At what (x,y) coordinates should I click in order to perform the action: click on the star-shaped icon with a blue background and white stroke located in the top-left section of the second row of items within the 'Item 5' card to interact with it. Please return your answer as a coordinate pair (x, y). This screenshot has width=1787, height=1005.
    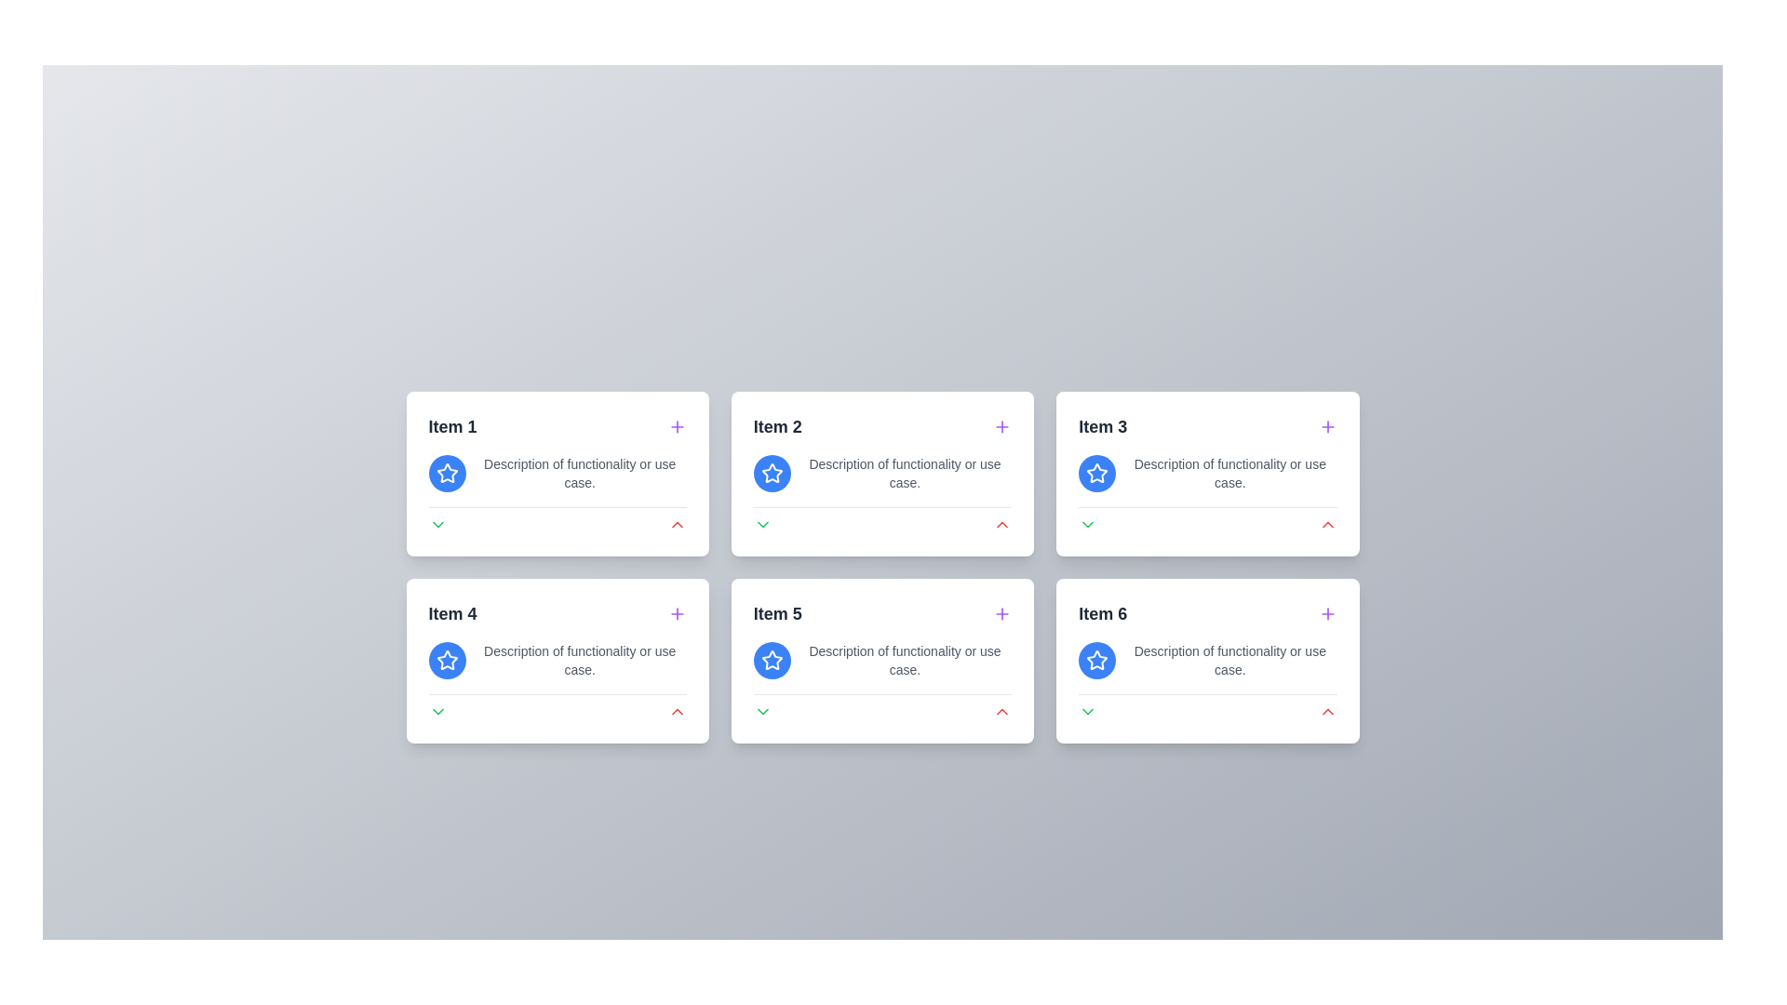
    Looking at the image, I should click on (772, 659).